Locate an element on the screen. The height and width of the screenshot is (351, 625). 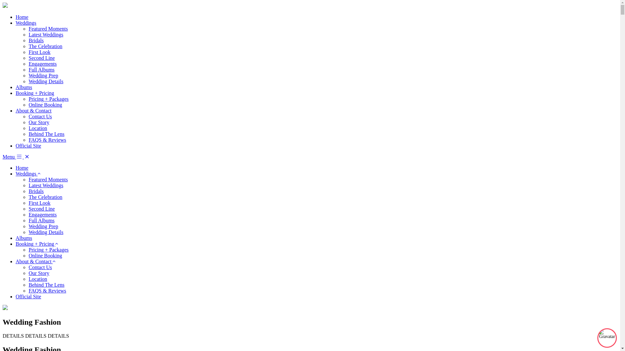
'Second Line' is located at coordinates (41, 209).